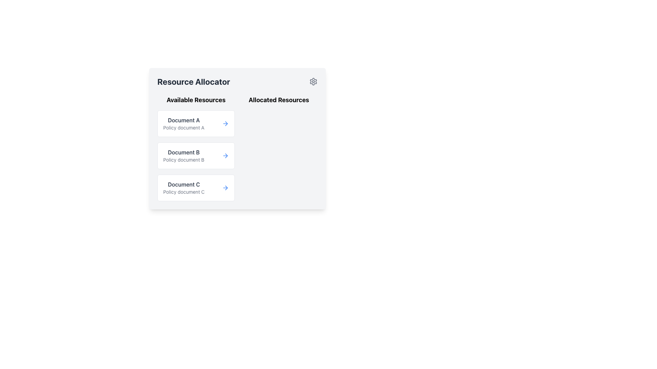 The image size is (657, 369). I want to click on the 'Document B' card/list item in the 'Available Resources' section, so click(195, 148).